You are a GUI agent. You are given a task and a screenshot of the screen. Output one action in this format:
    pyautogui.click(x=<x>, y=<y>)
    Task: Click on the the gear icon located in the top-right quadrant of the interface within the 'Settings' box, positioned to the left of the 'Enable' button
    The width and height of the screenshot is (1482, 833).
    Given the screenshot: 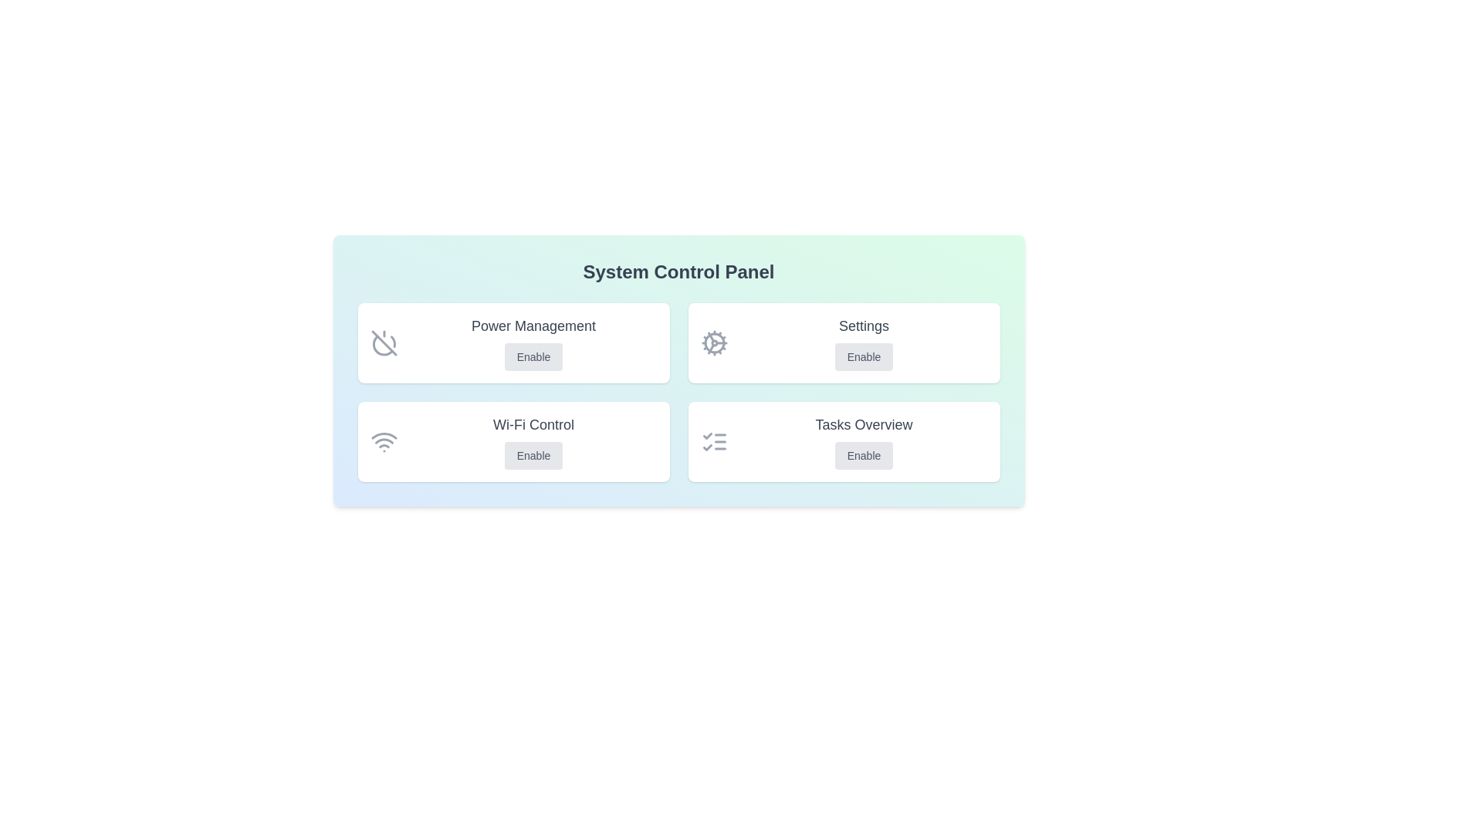 What is the action you would take?
    pyautogui.click(x=713, y=342)
    